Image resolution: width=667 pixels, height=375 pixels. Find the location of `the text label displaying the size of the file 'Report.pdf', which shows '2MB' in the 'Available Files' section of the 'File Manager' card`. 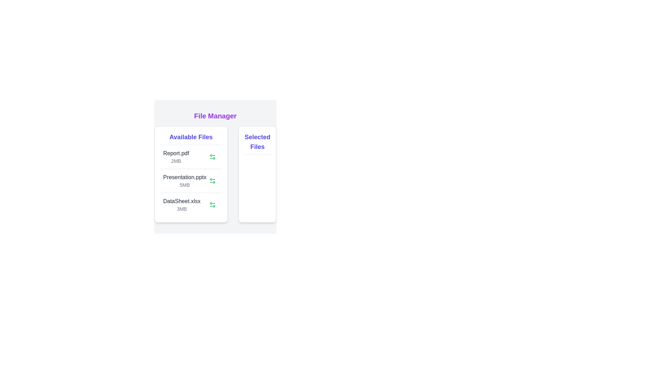

the text label displaying the size of the file 'Report.pdf', which shows '2MB' in the 'Available Files' section of the 'File Manager' card is located at coordinates (176, 161).